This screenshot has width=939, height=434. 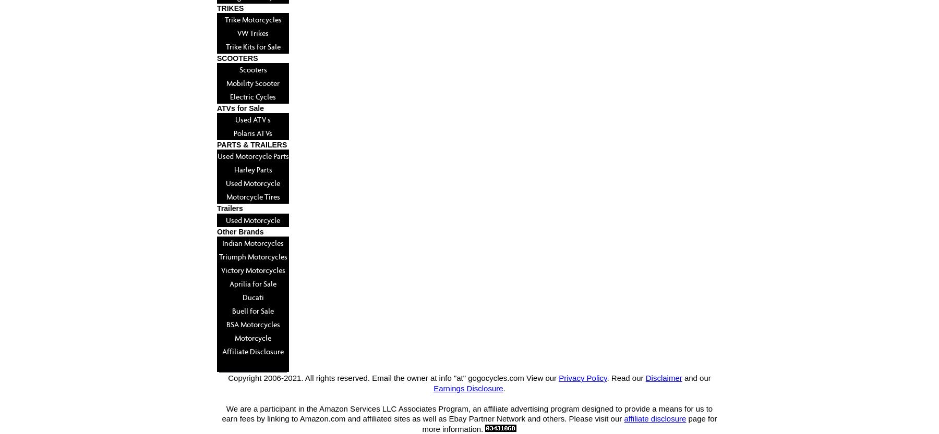 What do you see at coordinates (252, 119) in the screenshot?
I see `'Used ATV s'` at bounding box center [252, 119].